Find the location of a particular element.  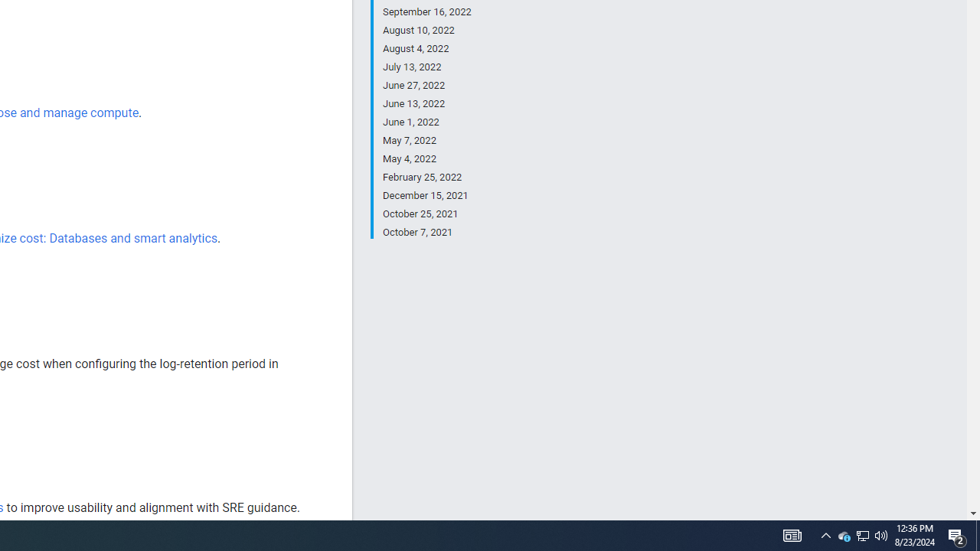

'October 25, 2021' is located at coordinates (426, 214).